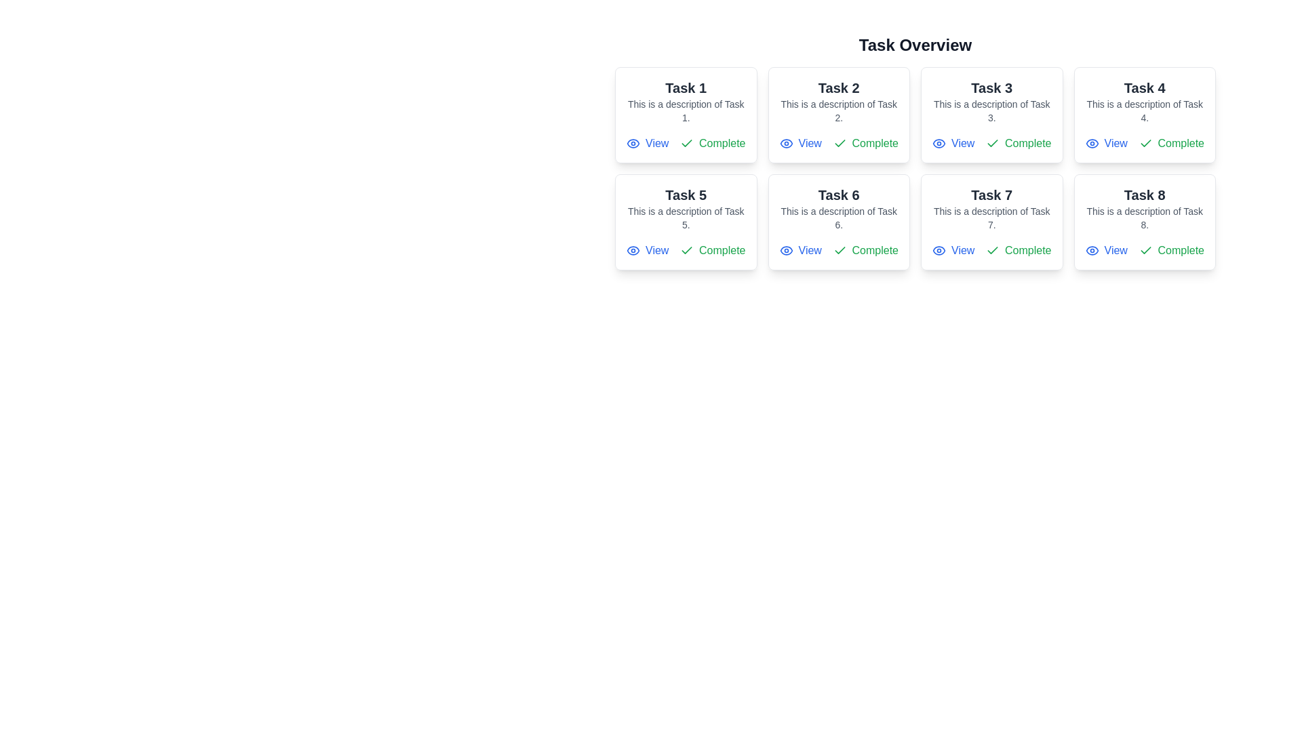 This screenshot has height=732, width=1302. Describe the element at coordinates (838, 144) in the screenshot. I see `the 'Complete' label located at the bottom of the 'Task 2' card to mark the task as done` at that location.